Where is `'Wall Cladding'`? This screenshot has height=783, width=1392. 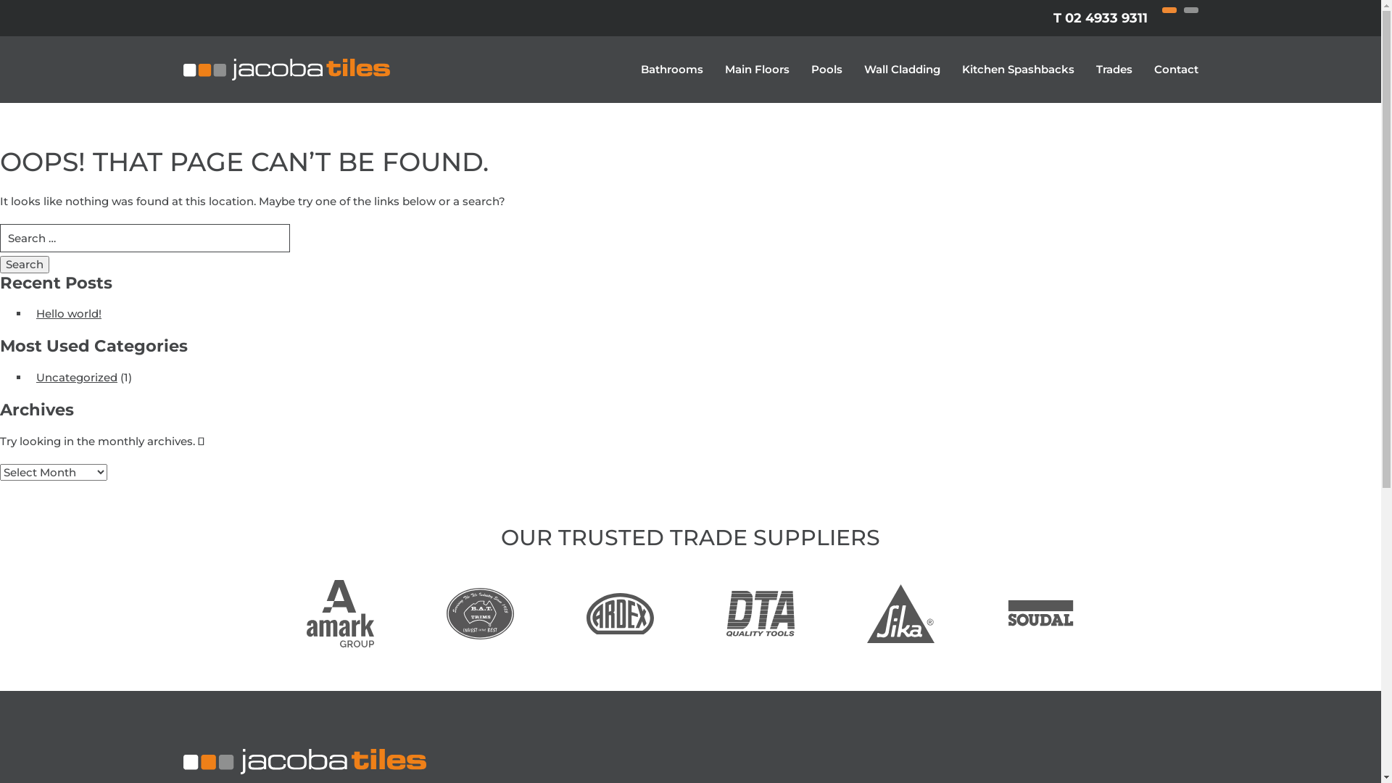 'Wall Cladding' is located at coordinates (901, 70).